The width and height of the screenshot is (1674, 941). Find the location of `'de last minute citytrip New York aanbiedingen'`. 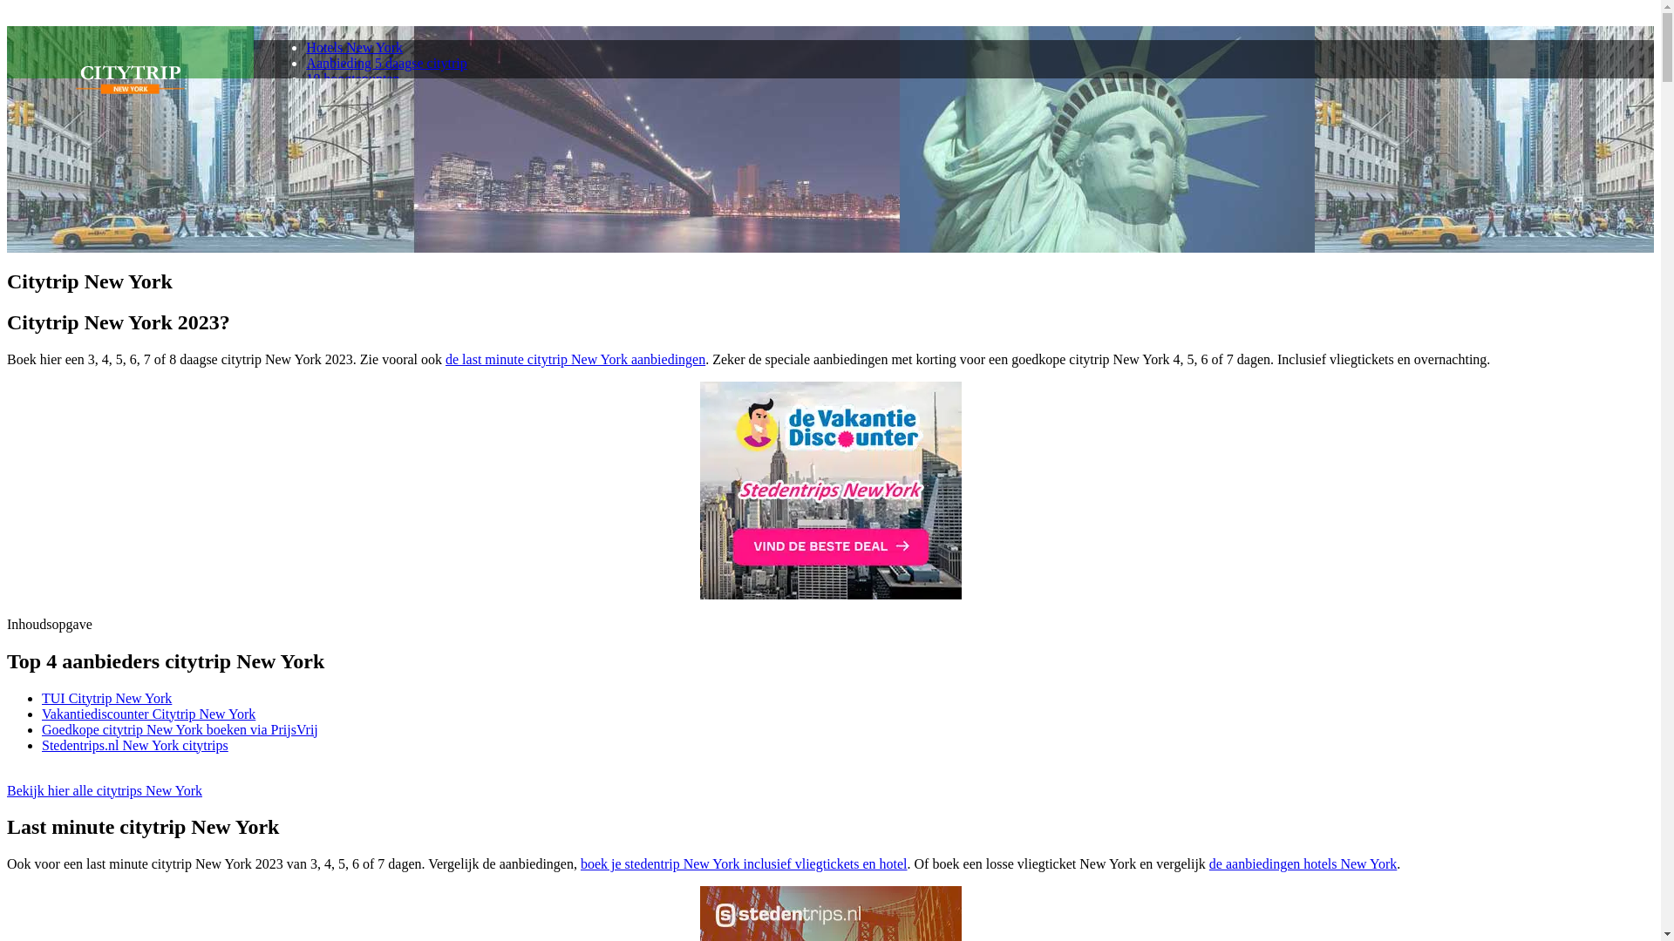

'de last minute citytrip New York aanbiedingen' is located at coordinates (575, 358).